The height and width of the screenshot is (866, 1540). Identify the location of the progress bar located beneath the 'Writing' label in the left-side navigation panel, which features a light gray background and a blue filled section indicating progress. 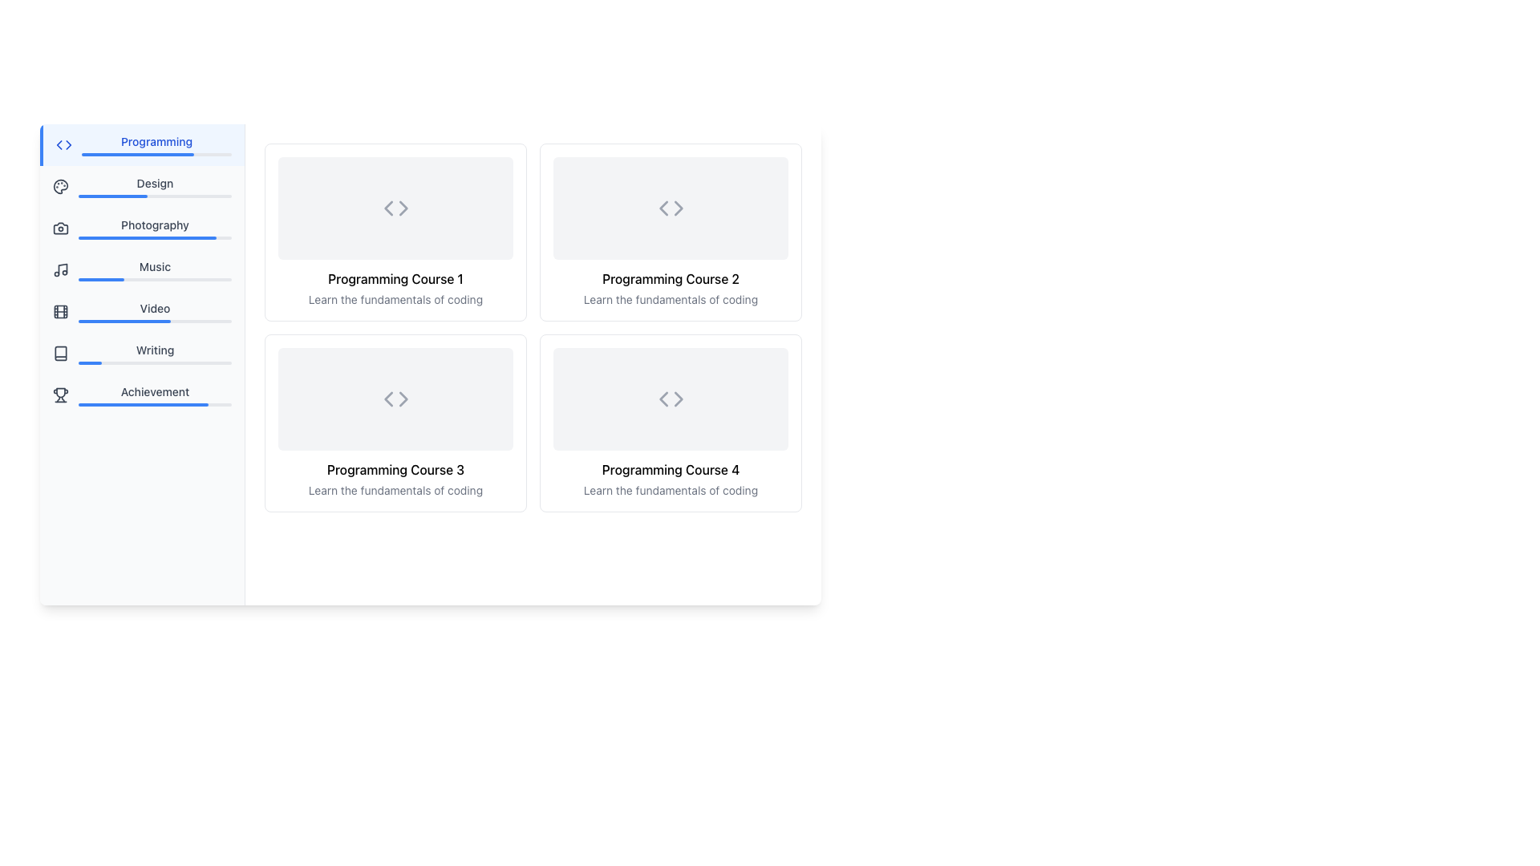
(155, 362).